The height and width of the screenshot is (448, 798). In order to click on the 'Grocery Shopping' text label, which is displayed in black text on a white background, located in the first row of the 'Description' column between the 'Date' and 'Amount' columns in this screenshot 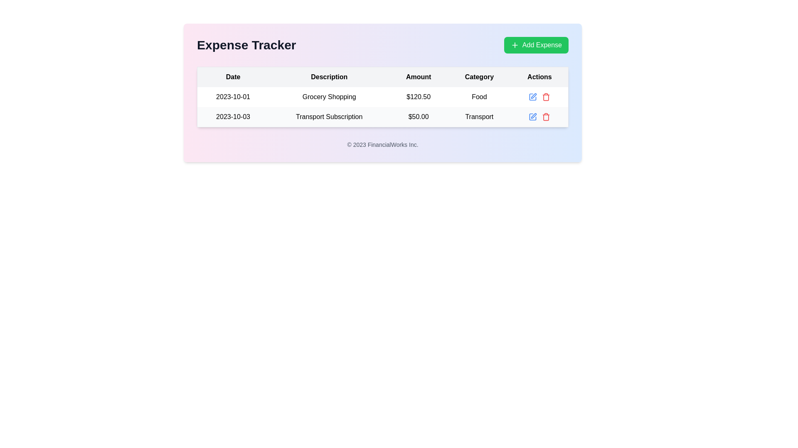, I will do `click(329, 97)`.